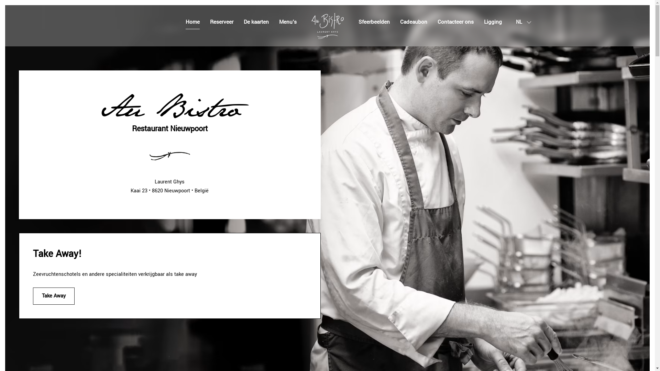 Image resolution: width=660 pixels, height=371 pixels. Describe the element at coordinates (221, 22) in the screenshot. I see `'Reserveer'` at that location.